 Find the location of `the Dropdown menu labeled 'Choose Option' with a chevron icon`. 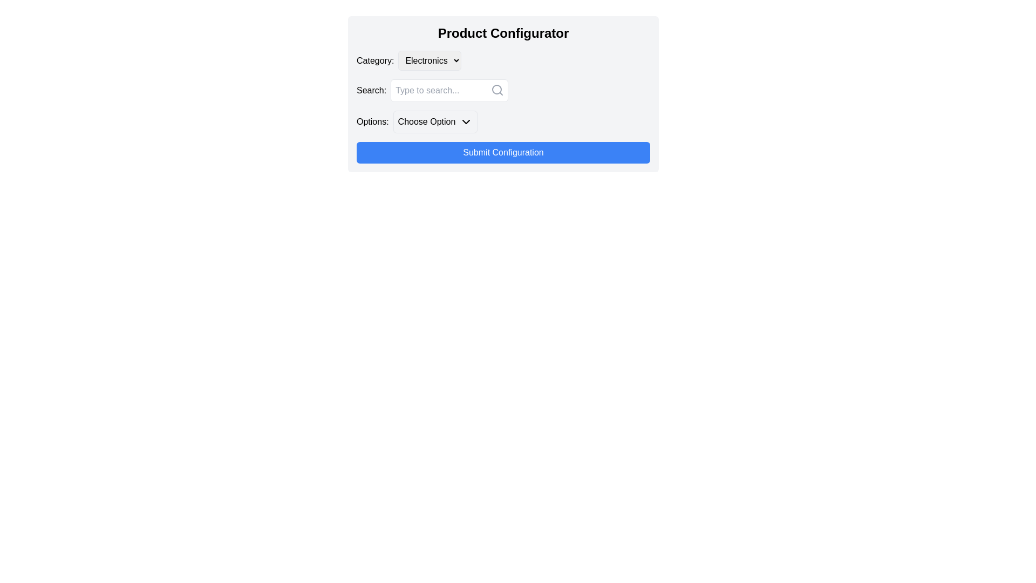

the Dropdown menu labeled 'Choose Option' with a chevron icon is located at coordinates (435, 121).